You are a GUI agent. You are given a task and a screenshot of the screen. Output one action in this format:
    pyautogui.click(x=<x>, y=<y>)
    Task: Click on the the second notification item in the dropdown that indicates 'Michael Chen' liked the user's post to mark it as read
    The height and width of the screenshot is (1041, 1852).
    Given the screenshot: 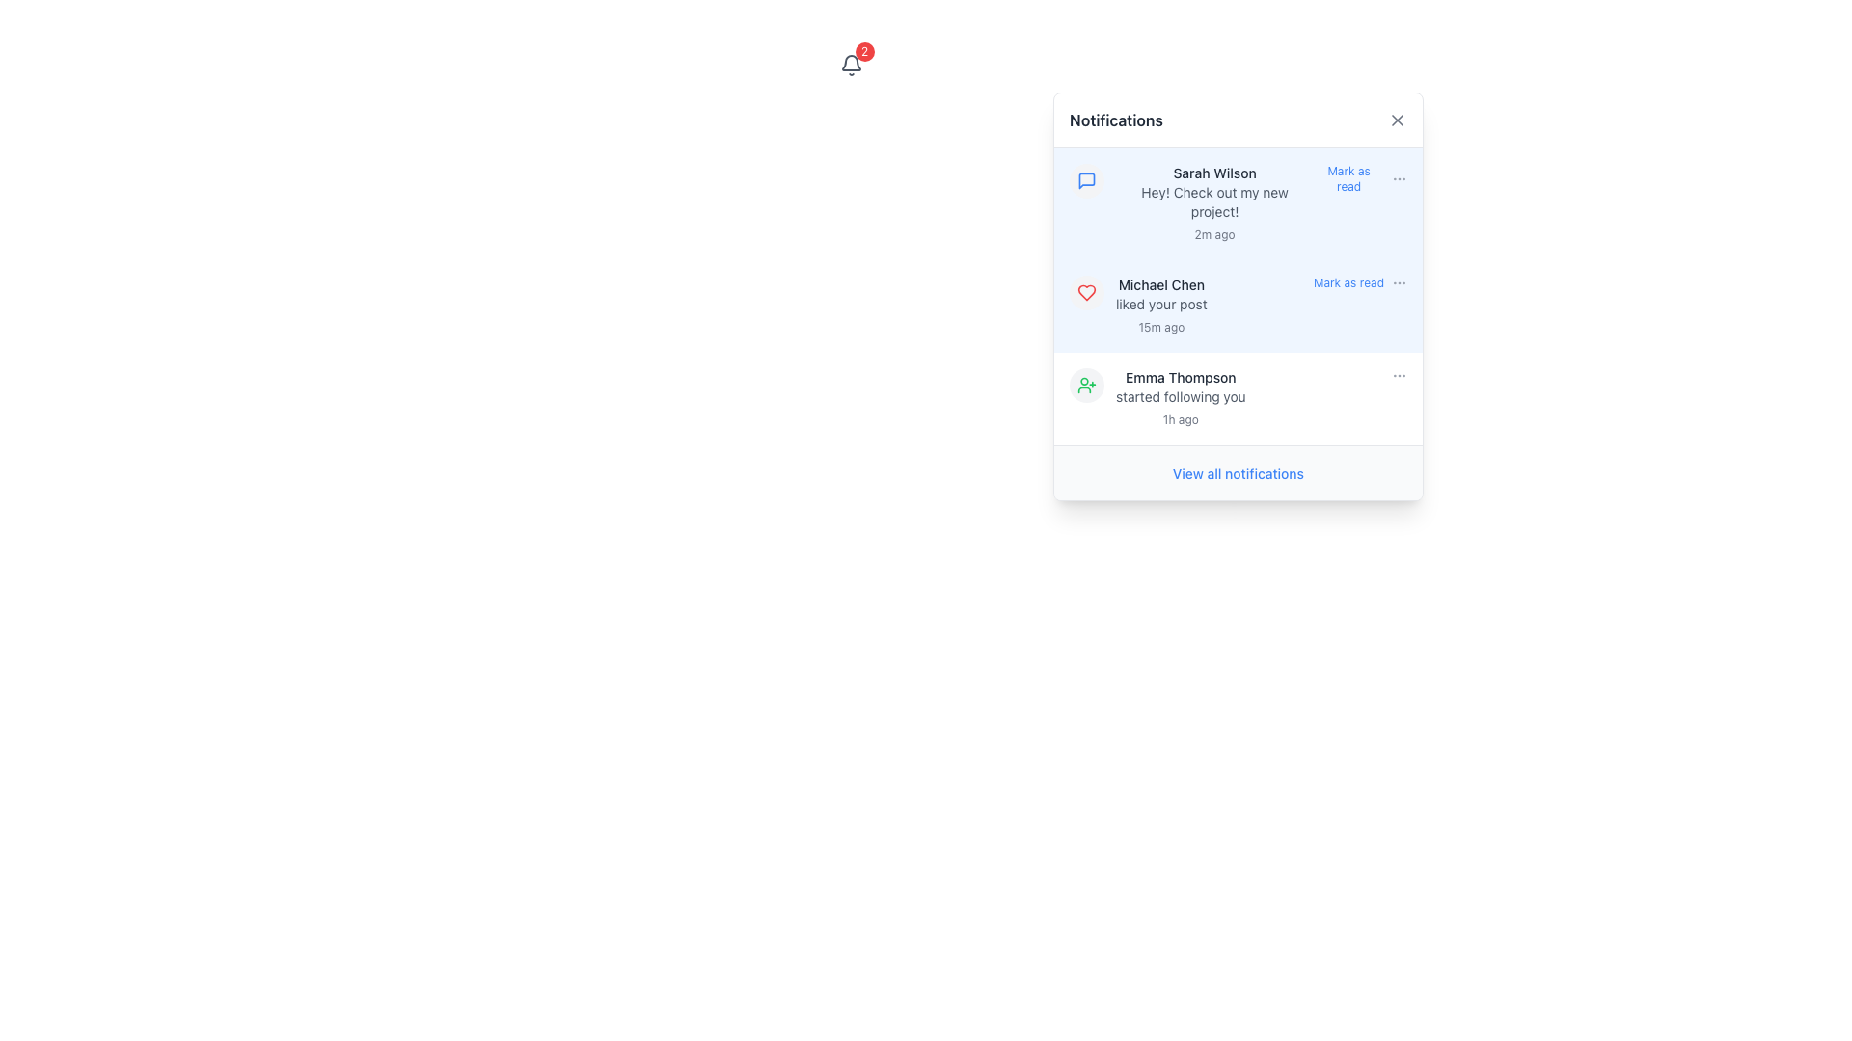 What is the action you would take?
    pyautogui.click(x=1238, y=297)
    